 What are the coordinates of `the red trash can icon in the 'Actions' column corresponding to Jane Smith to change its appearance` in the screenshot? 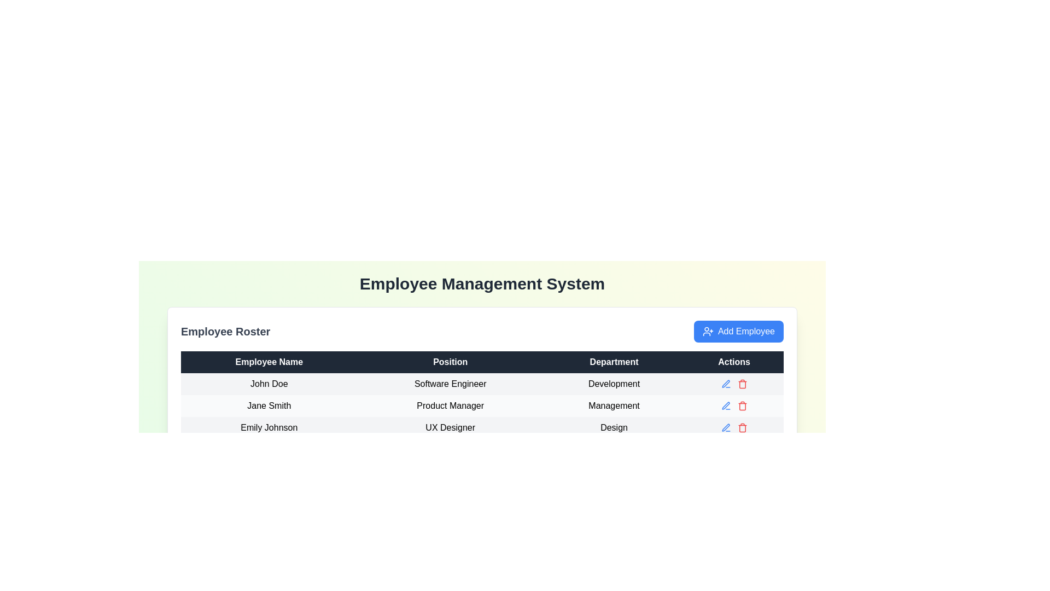 It's located at (742, 405).